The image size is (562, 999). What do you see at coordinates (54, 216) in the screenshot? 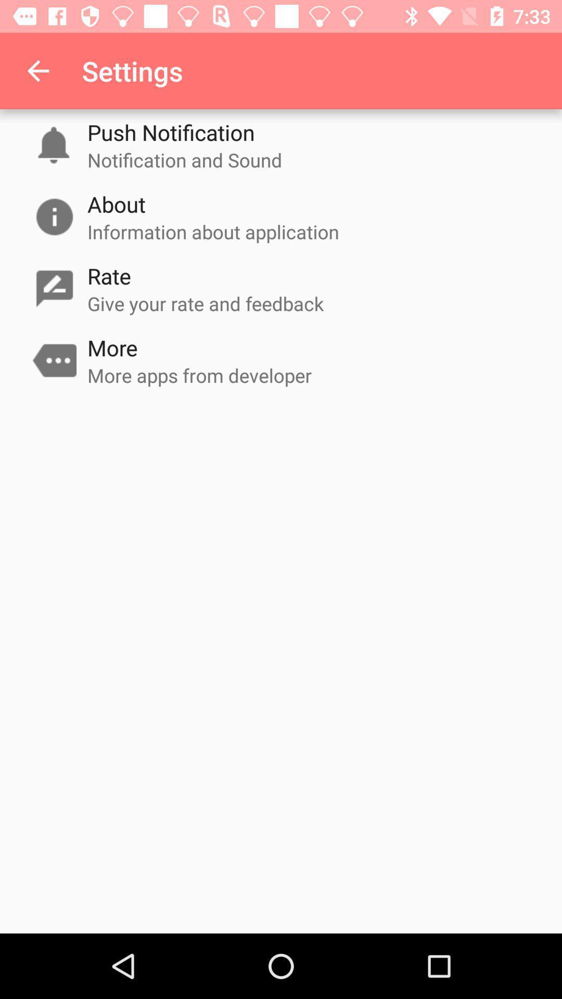
I see `information icon which is on the left side of about` at bounding box center [54, 216].